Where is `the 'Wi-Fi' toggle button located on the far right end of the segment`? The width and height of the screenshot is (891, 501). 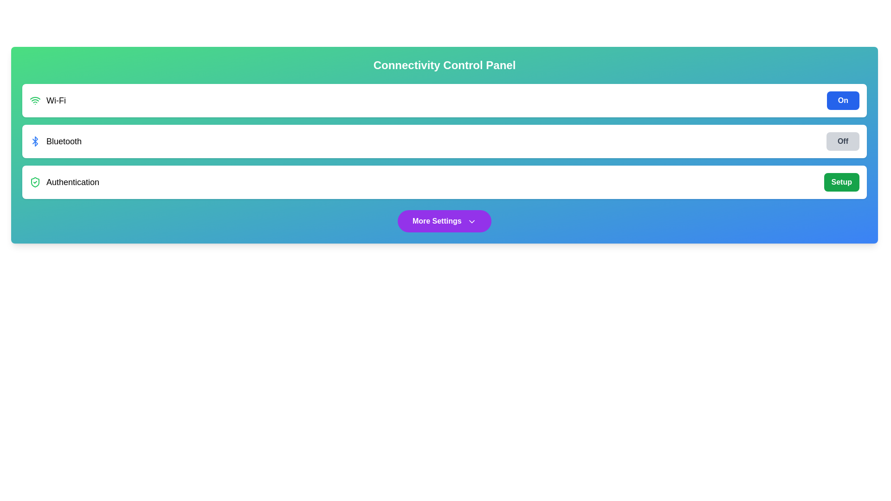
the 'Wi-Fi' toggle button located on the far right end of the segment is located at coordinates (843, 100).